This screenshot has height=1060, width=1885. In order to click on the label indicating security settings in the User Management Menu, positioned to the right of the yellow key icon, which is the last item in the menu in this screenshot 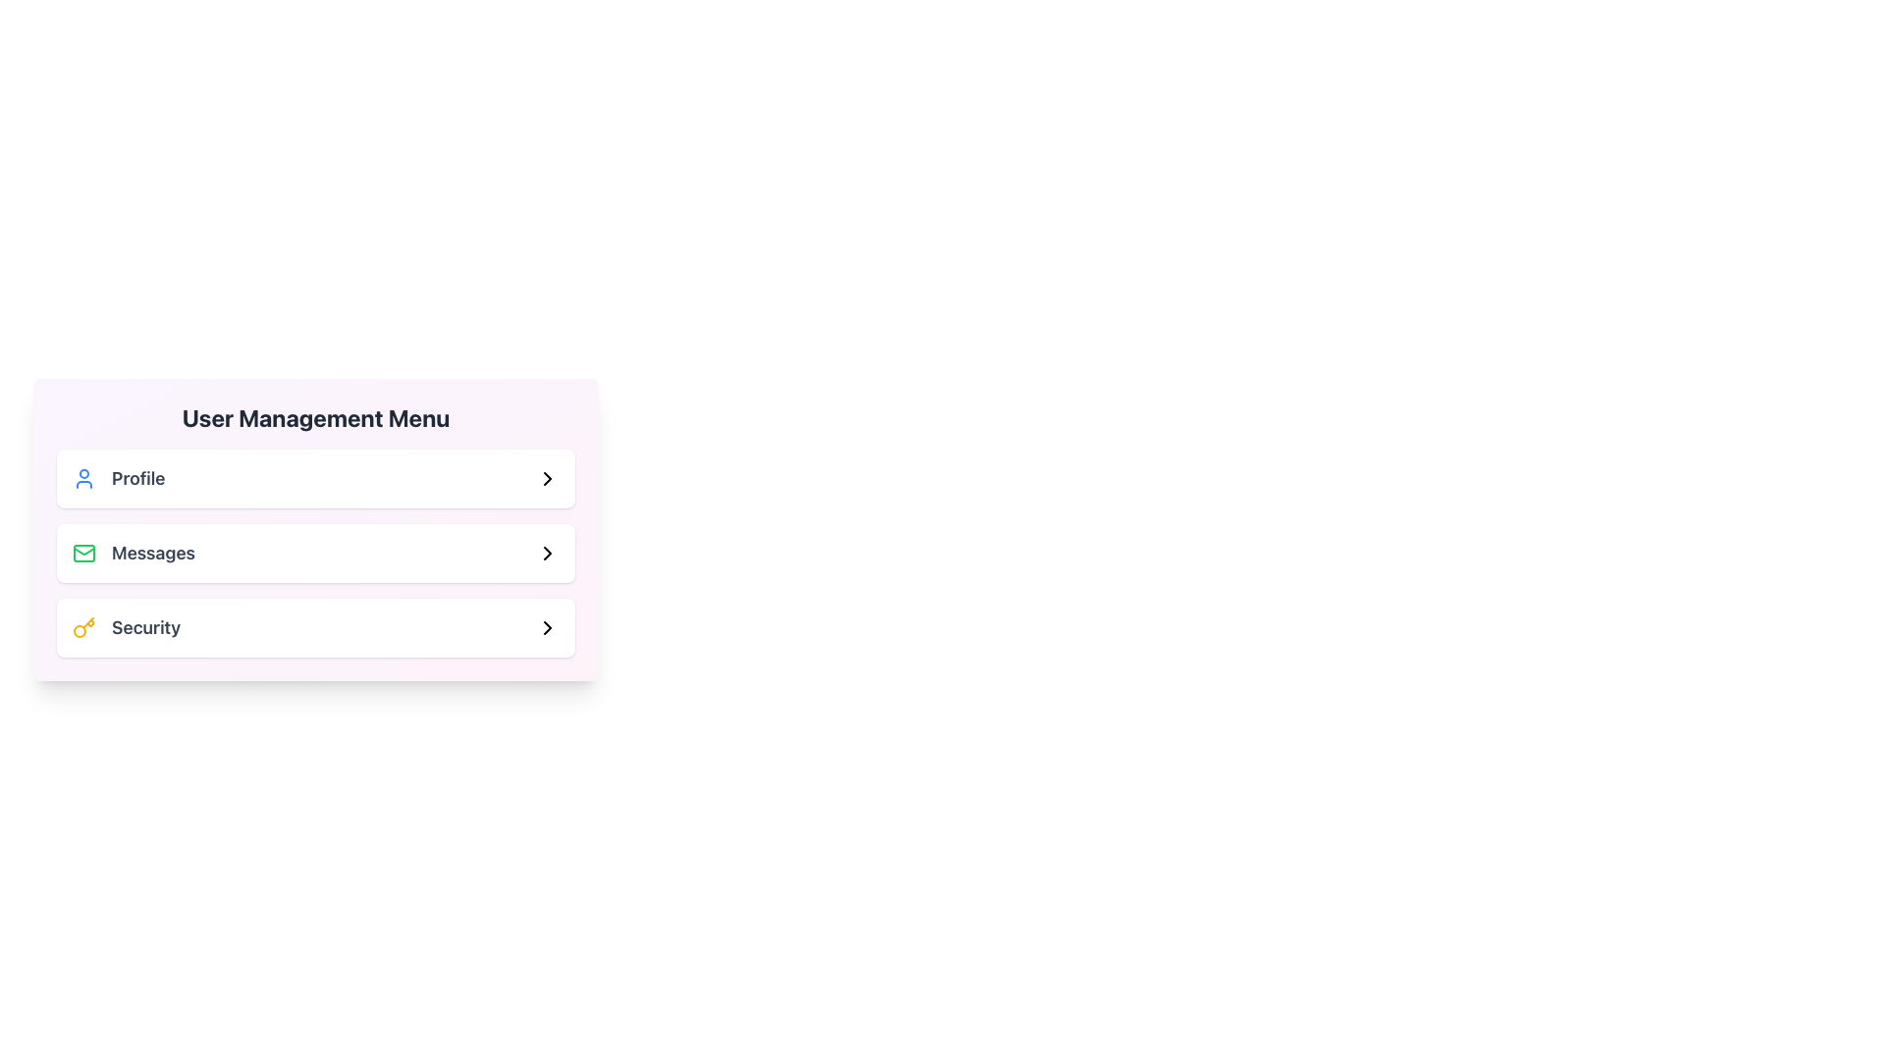, I will do `click(144, 628)`.